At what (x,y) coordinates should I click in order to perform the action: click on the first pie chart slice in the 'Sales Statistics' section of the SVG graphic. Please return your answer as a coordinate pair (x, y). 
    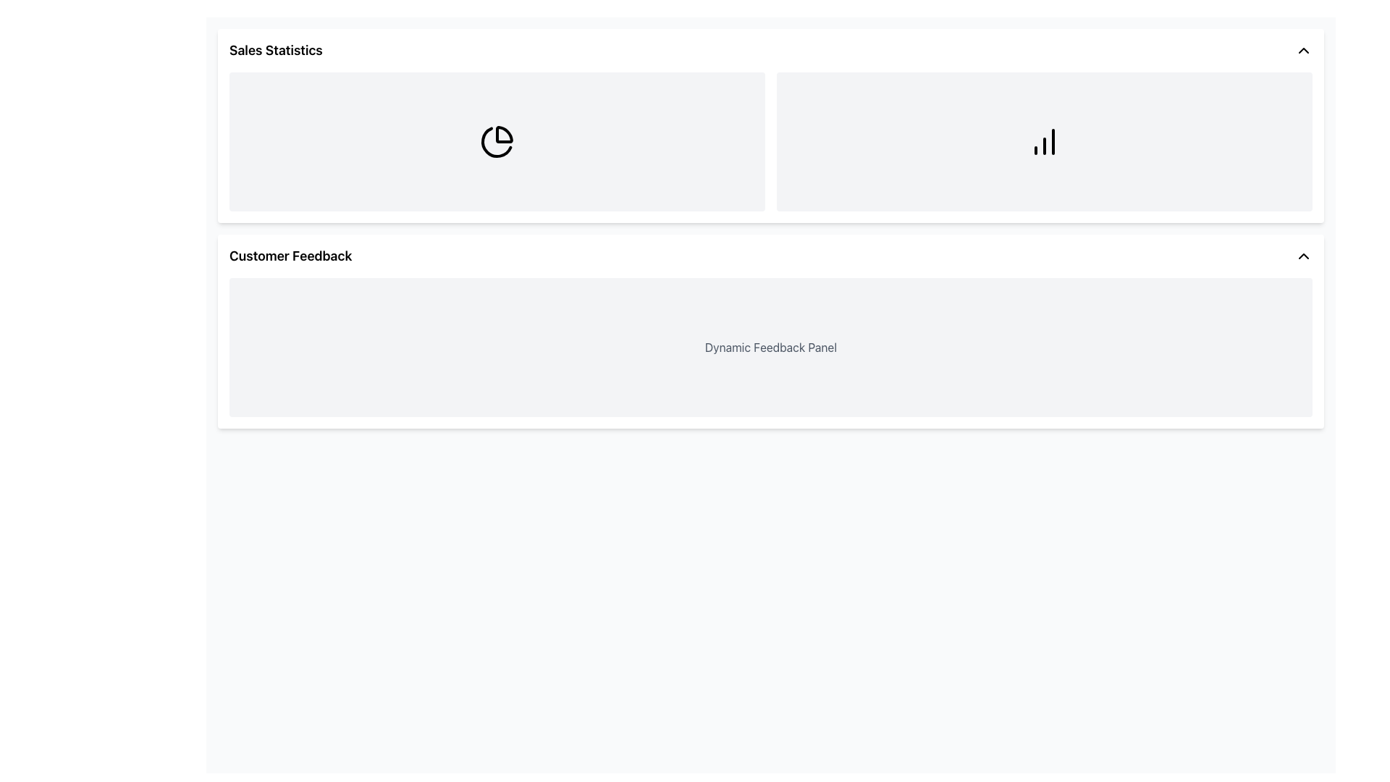
    Looking at the image, I should click on (504, 135).